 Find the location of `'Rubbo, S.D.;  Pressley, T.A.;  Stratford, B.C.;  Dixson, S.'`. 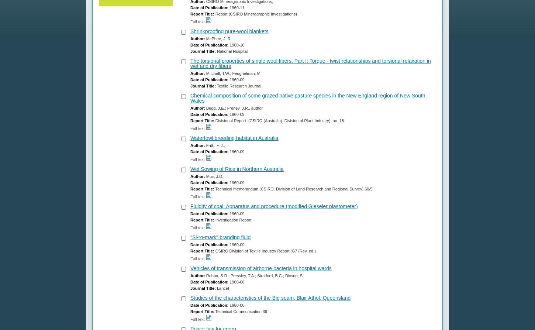

'Rubbo, S.D.;  Pressley, T.A.;  Stratford, B.C.;  Dixson, S.' is located at coordinates (254, 275).